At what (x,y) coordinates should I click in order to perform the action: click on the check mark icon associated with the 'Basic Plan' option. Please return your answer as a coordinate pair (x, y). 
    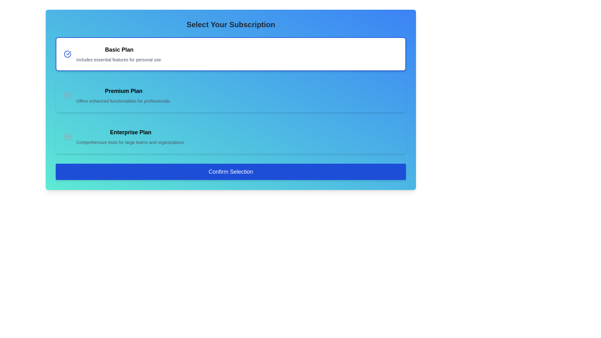
    Looking at the image, I should click on (69, 53).